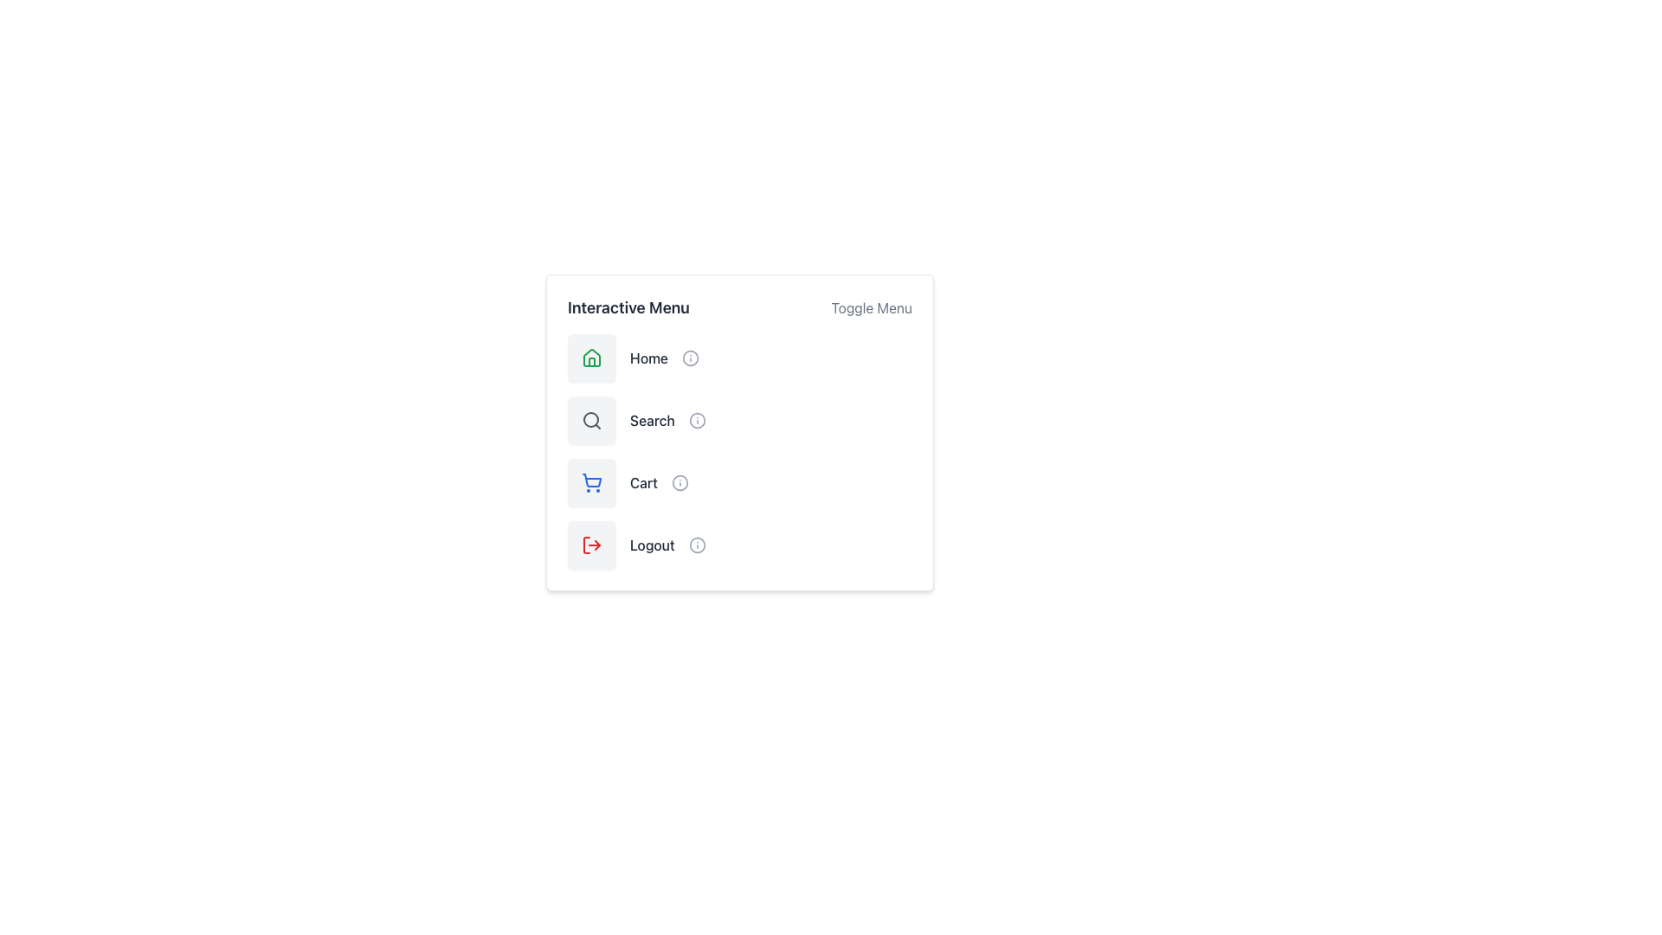 The width and height of the screenshot is (1662, 935). I want to click on the 'Search' icon in the interactive menu, which is the second icon in a vertical list, positioned below the 'Home' icon and above the 'Cart' icon, so click(592, 421).